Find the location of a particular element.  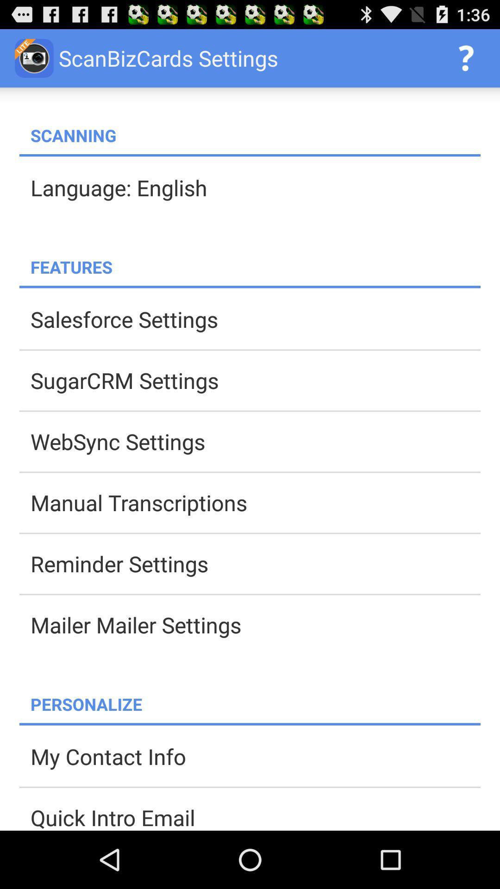

the app to the right of the scanbizcards settings item is located at coordinates (466, 57).